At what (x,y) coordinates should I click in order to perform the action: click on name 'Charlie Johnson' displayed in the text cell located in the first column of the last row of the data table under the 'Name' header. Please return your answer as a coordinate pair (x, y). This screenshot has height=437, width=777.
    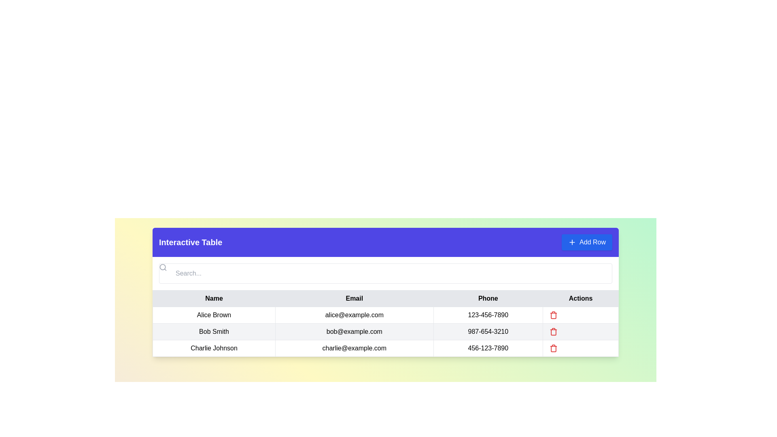
    Looking at the image, I should click on (214, 348).